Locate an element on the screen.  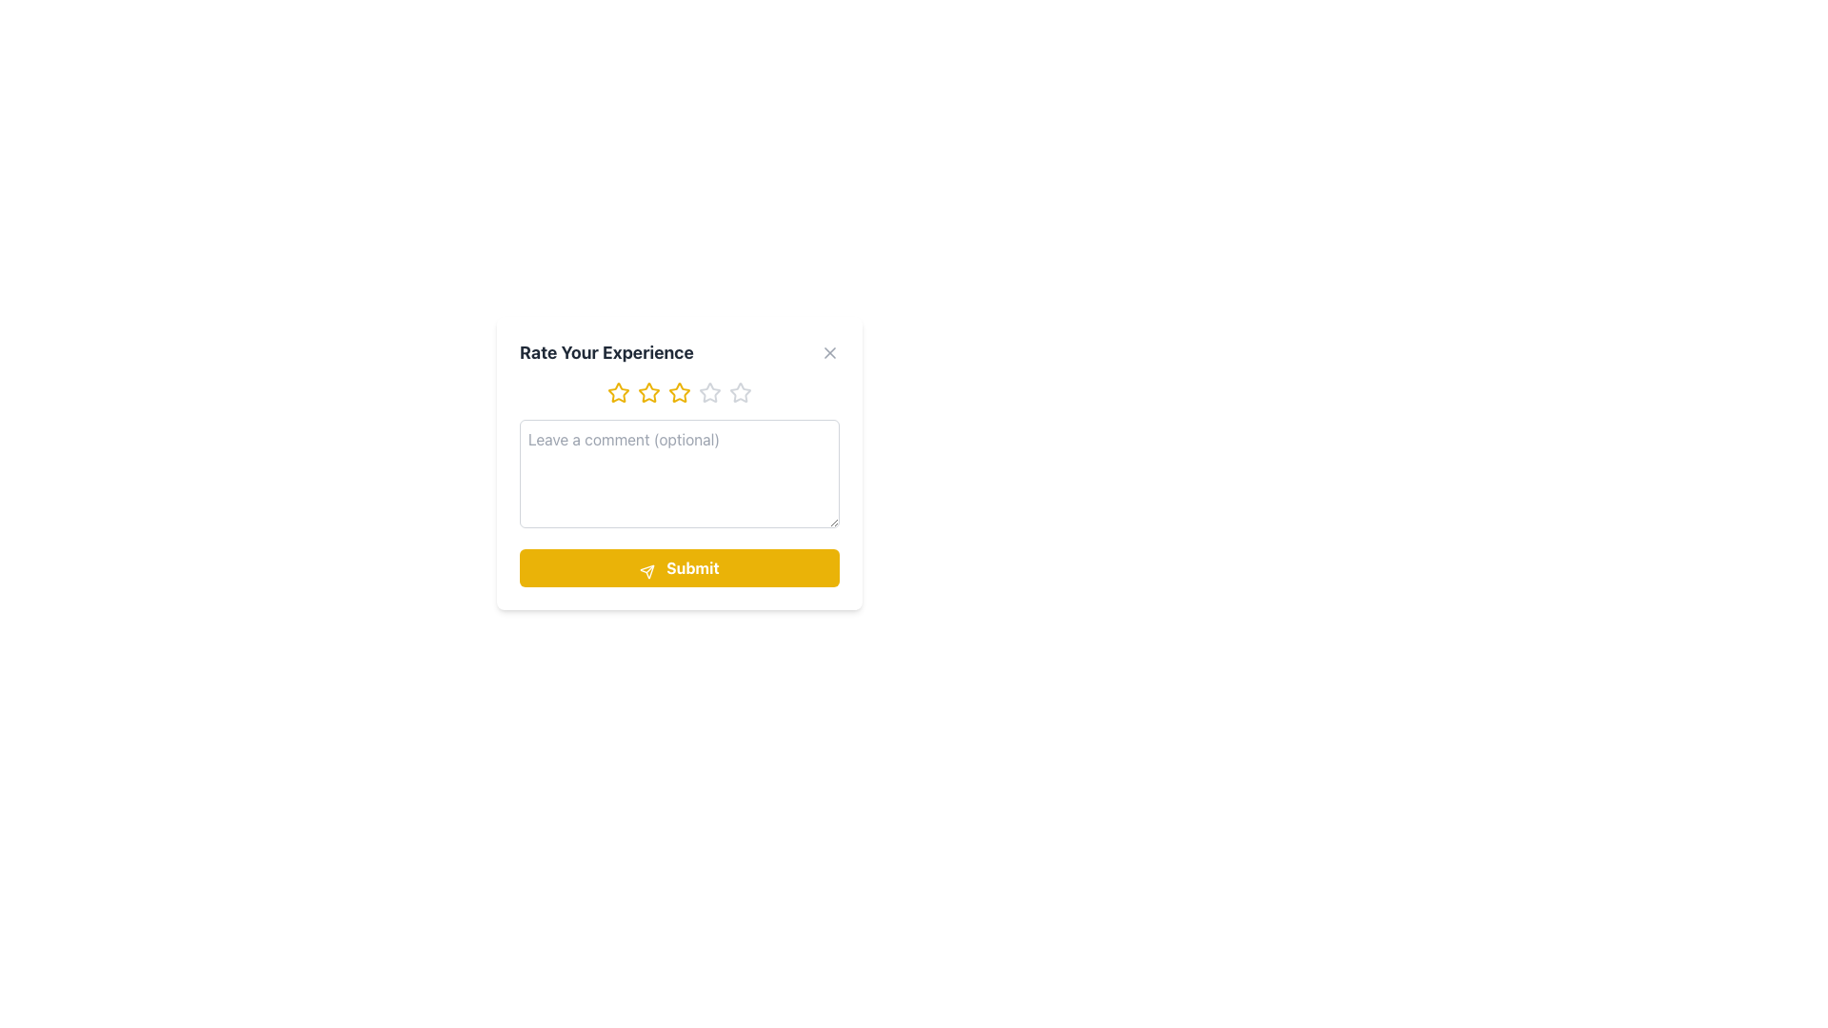
the fifth rating star icon button is located at coordinates (680, 391).